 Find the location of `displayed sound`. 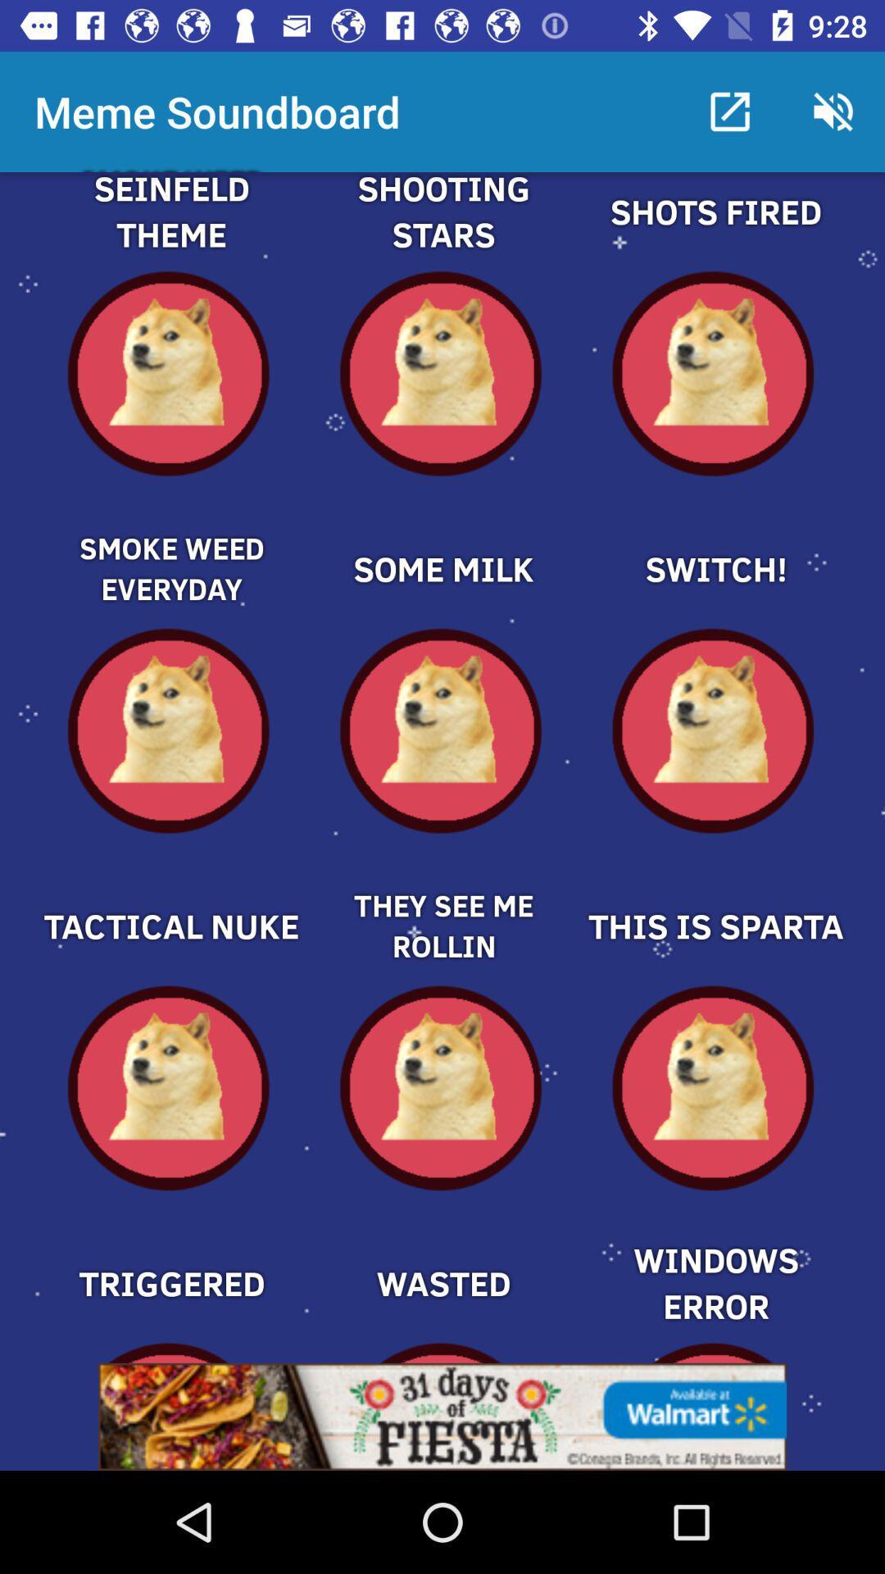

displayed sound is located at coordinates (170, 541).